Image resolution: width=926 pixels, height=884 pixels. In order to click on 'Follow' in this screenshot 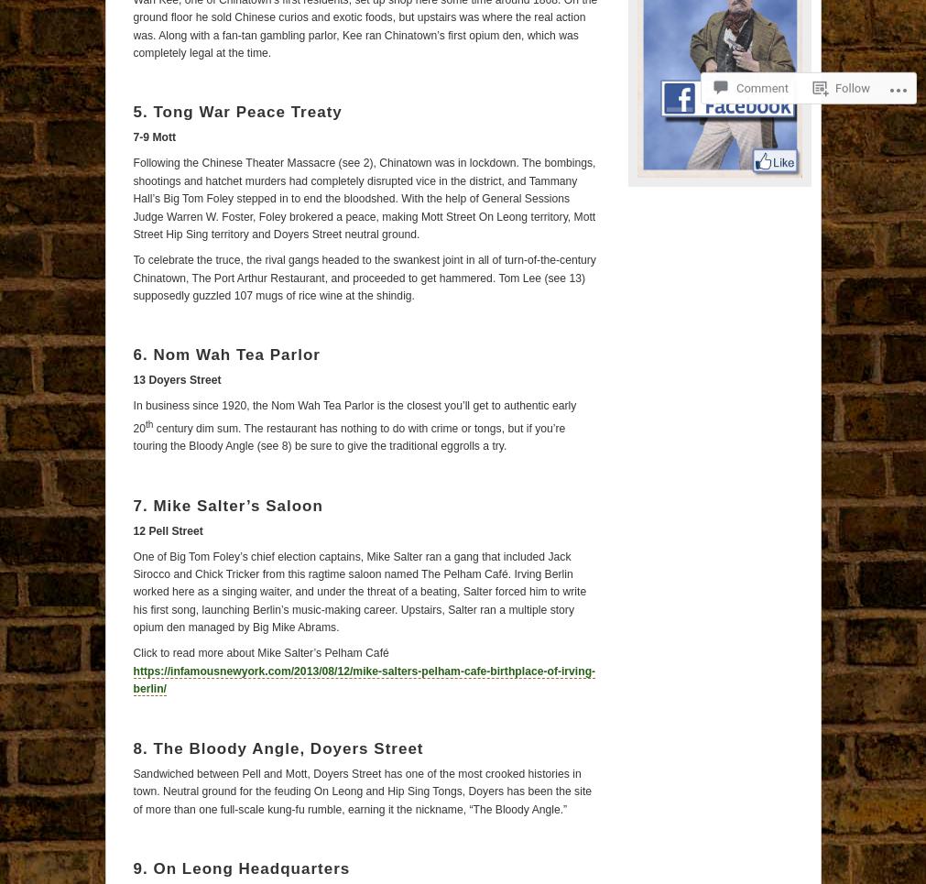, I will do `click(852, 38)`.